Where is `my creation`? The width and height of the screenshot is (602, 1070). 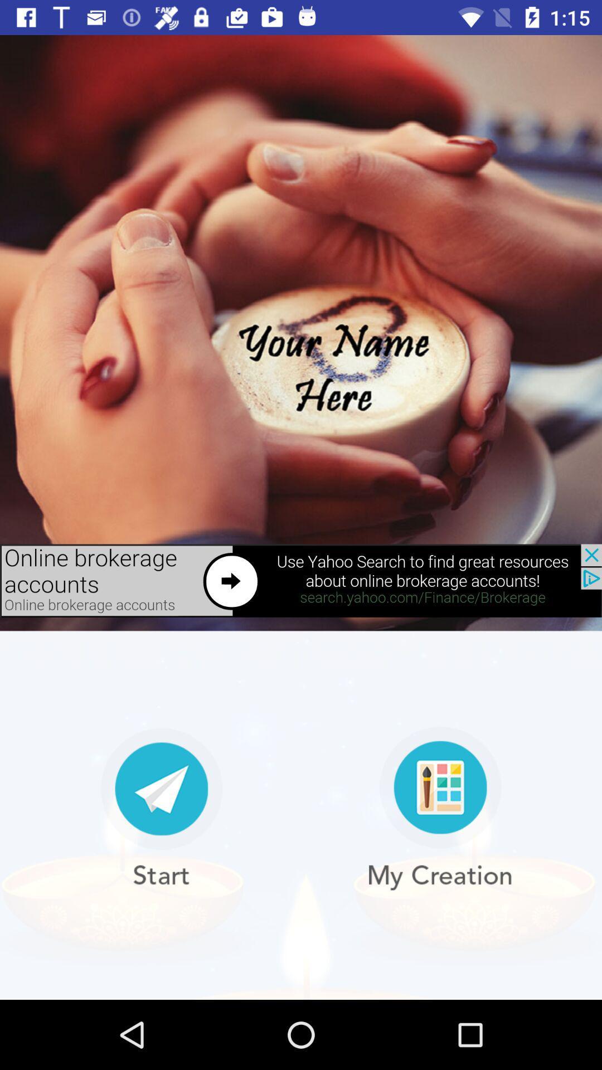 my creation is located at coordinates (440, 808).